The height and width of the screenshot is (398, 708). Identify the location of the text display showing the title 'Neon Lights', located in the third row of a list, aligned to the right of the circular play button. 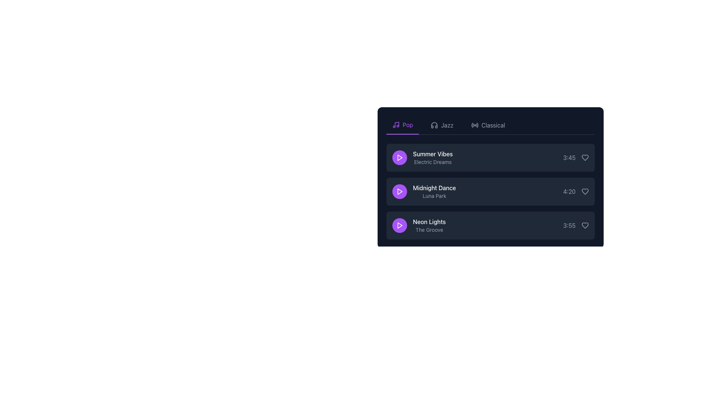
(429, 225).